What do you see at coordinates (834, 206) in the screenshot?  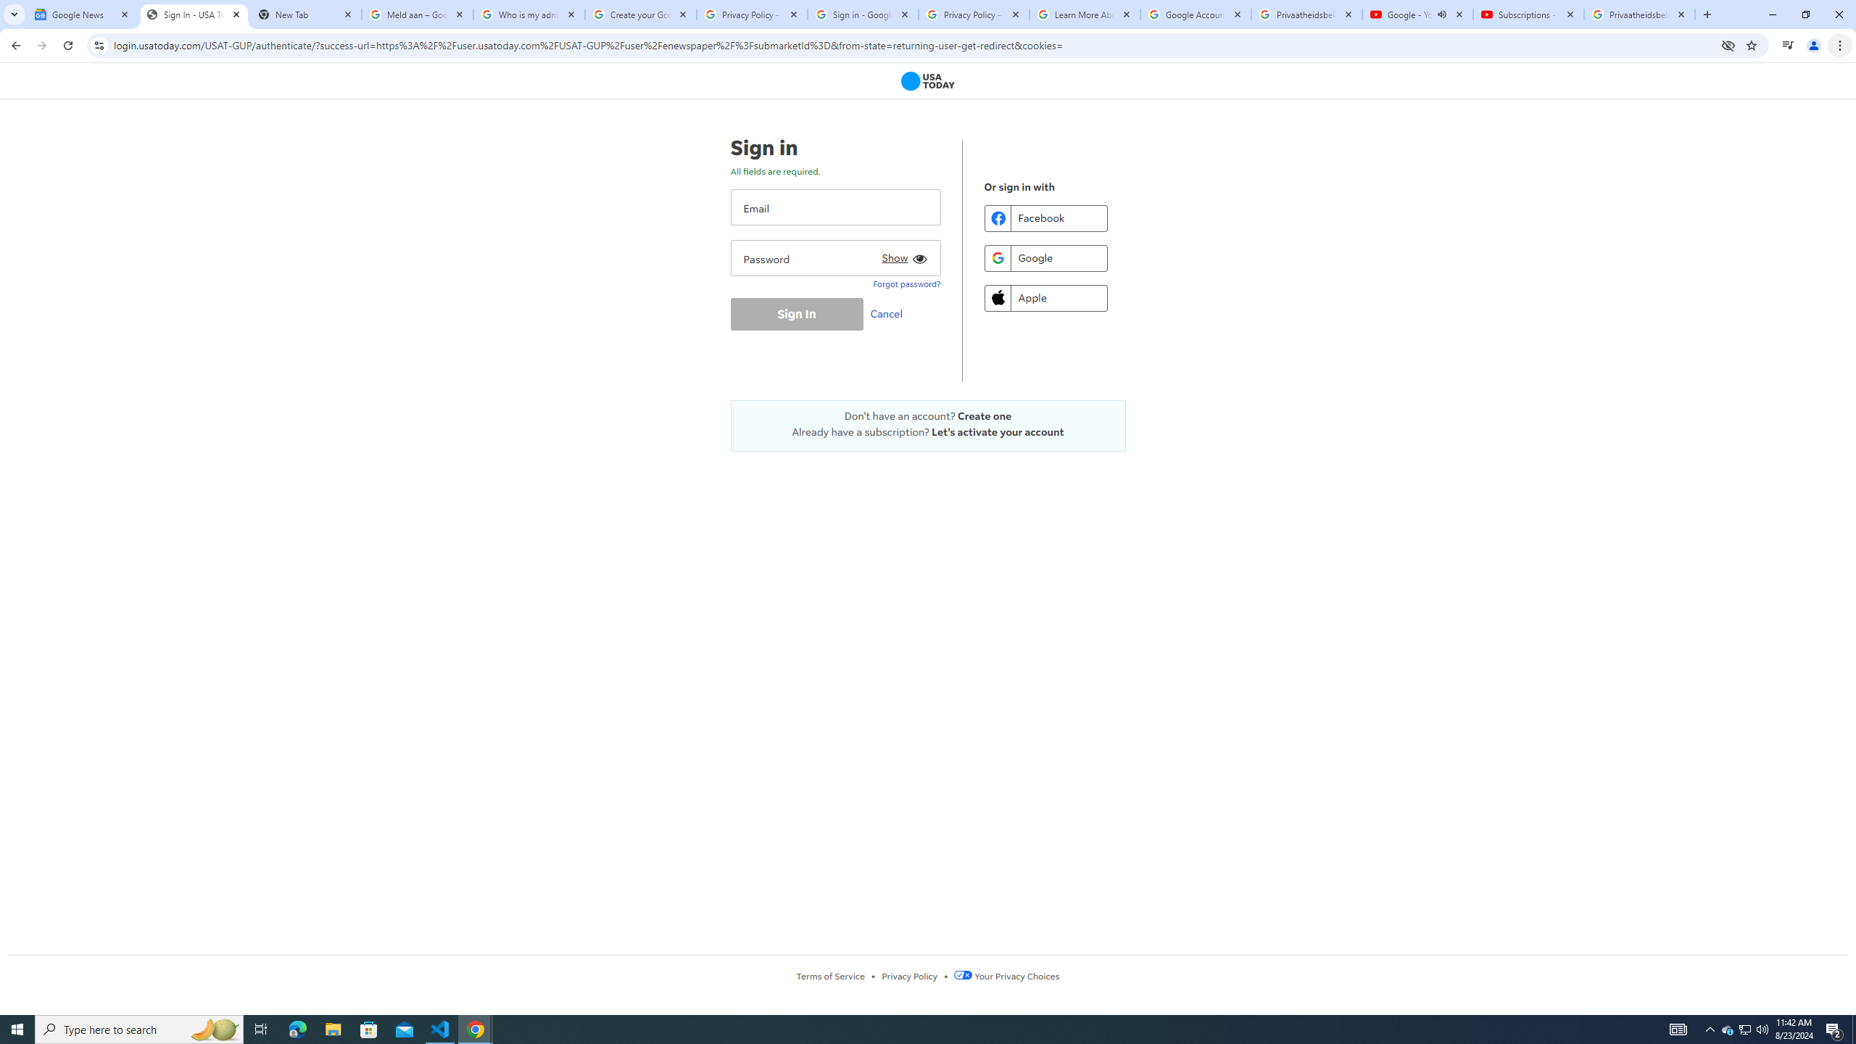 I see `'Account Username'` at bounding box center [834, 206].